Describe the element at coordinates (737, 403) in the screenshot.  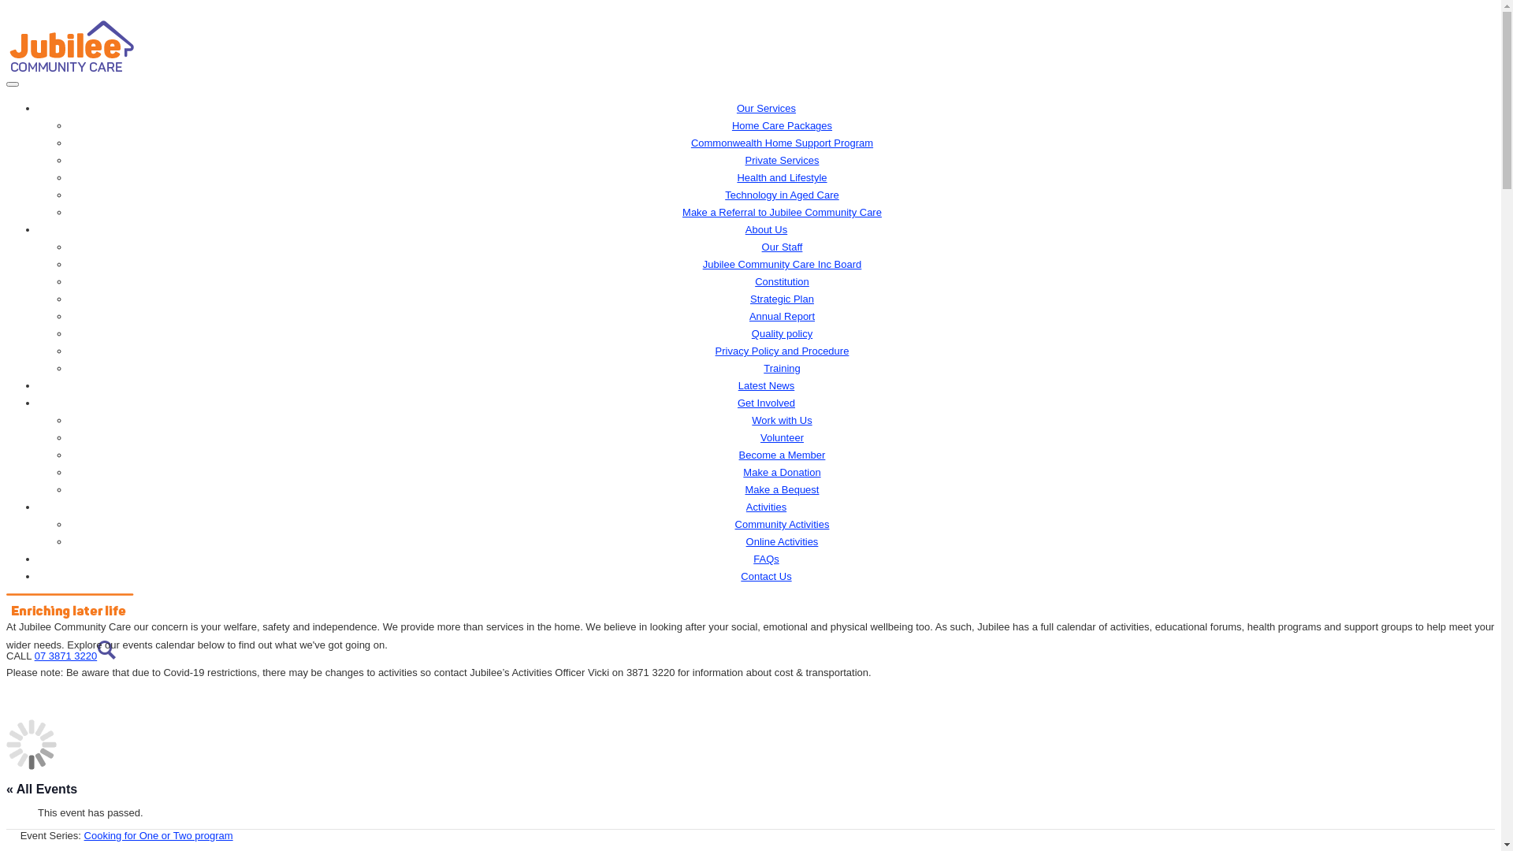
I see `'Get Involved'` at that location.